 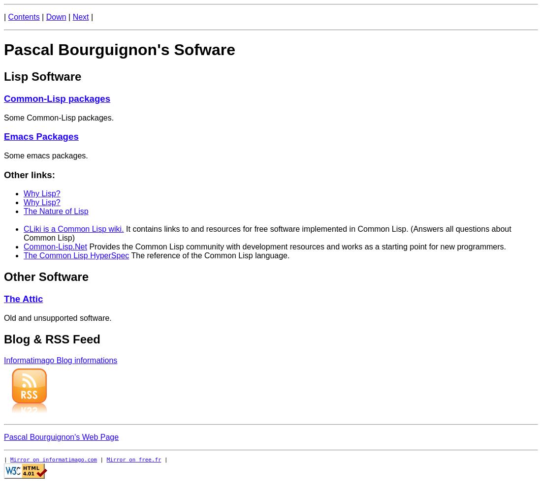 I want to click on 'Some emacs packages.', so click(x=46, y=154).